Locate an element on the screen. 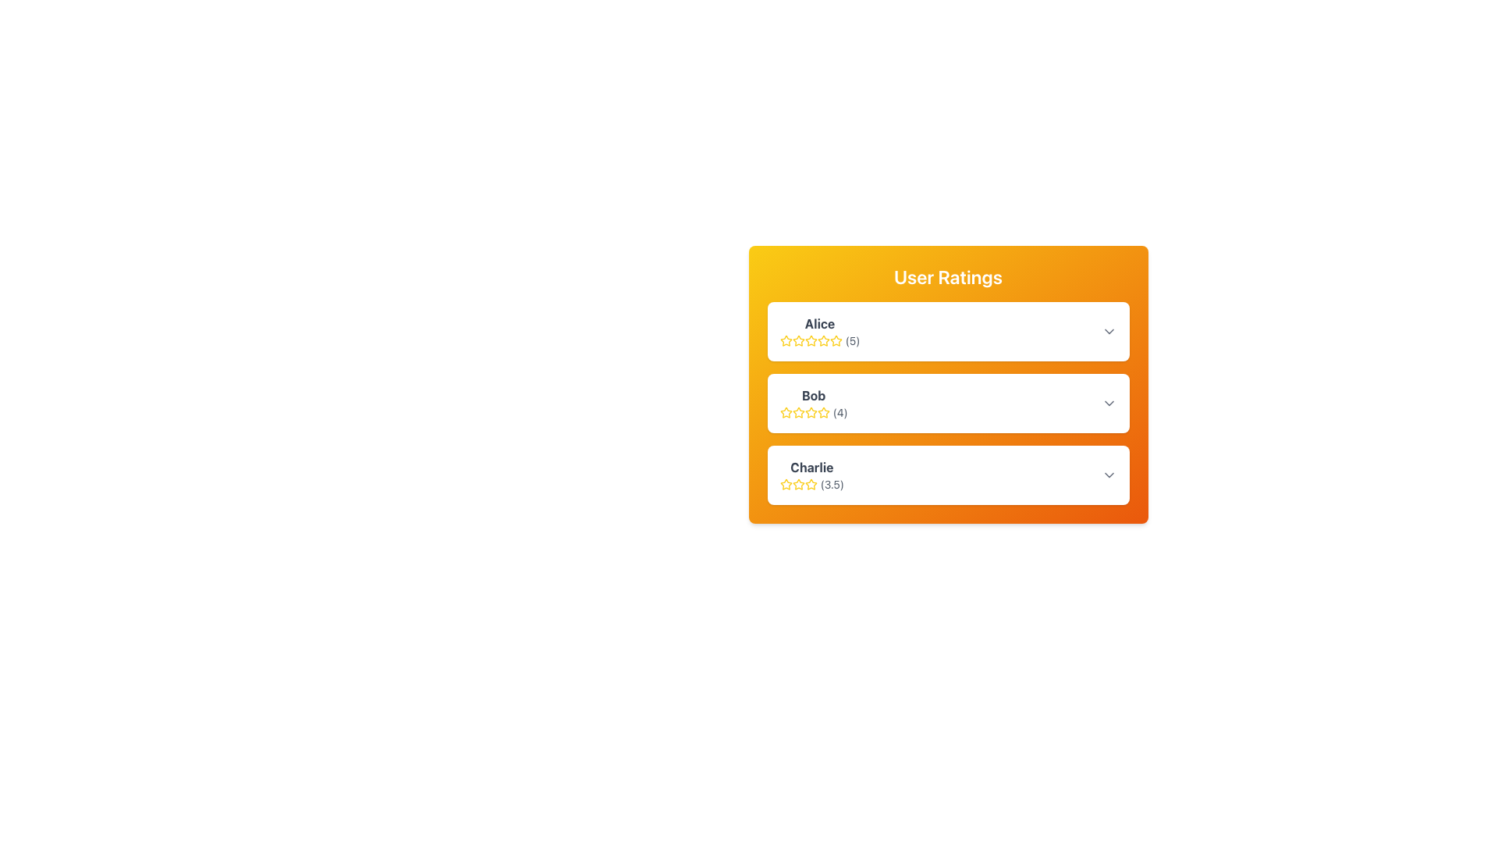 The image size is (1498, 843). the text and star rating display for the user 'Bob', which is located in the middle card of a vertically stacked list of three cards, positioned between 'Alice' and 'Charlie' is located at coordinates (813, 402).